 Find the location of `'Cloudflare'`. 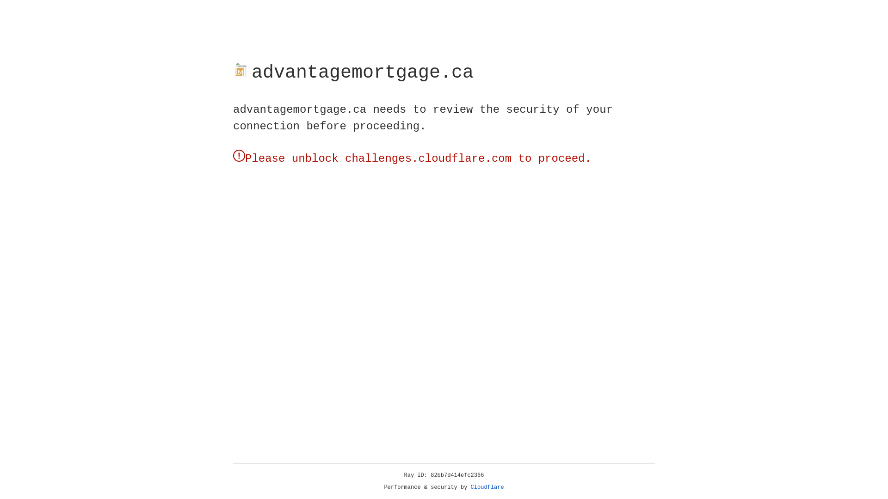

'Cloudflare' is located at coordinates (487, 487).